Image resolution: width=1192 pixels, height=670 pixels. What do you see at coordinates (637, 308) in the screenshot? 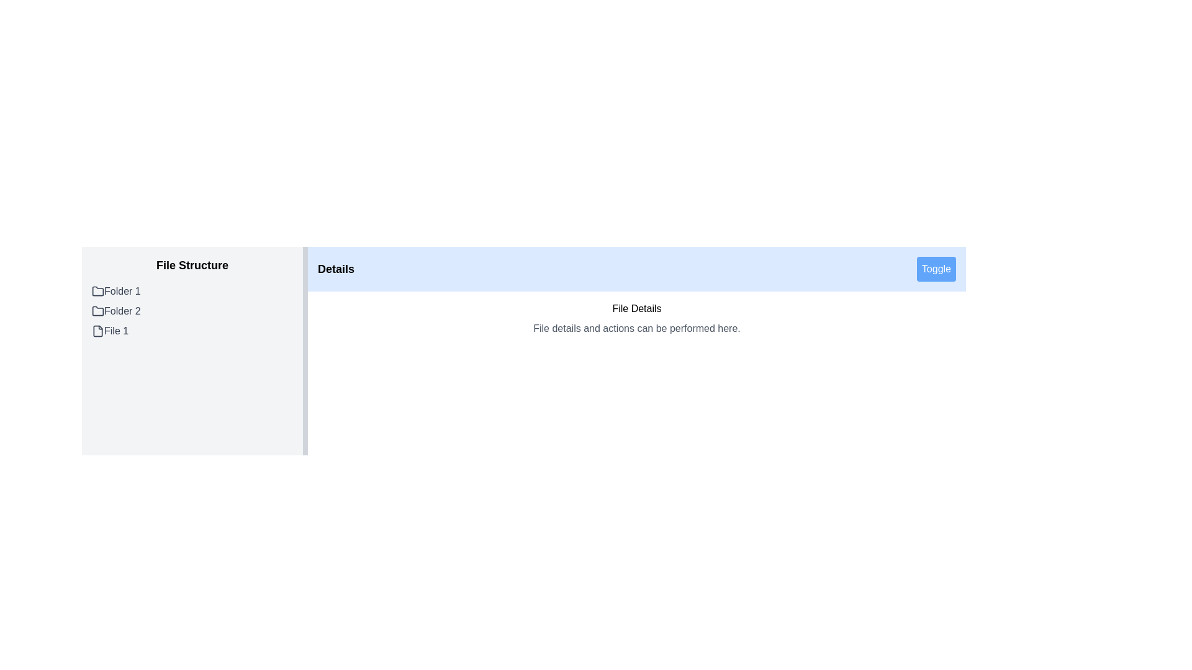
I see `the text 'File Details' which is prominently displayed in a medium-sized black font near the top of its section` at bounding box center [637, 308].